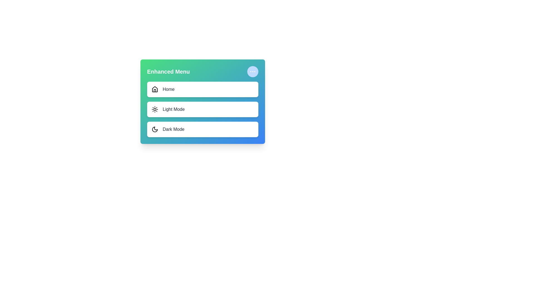  Describe the element at coordinates (202, 129) in the screenshot. I see `the menu item labeled 'Dark Mode' to select it` at that location.